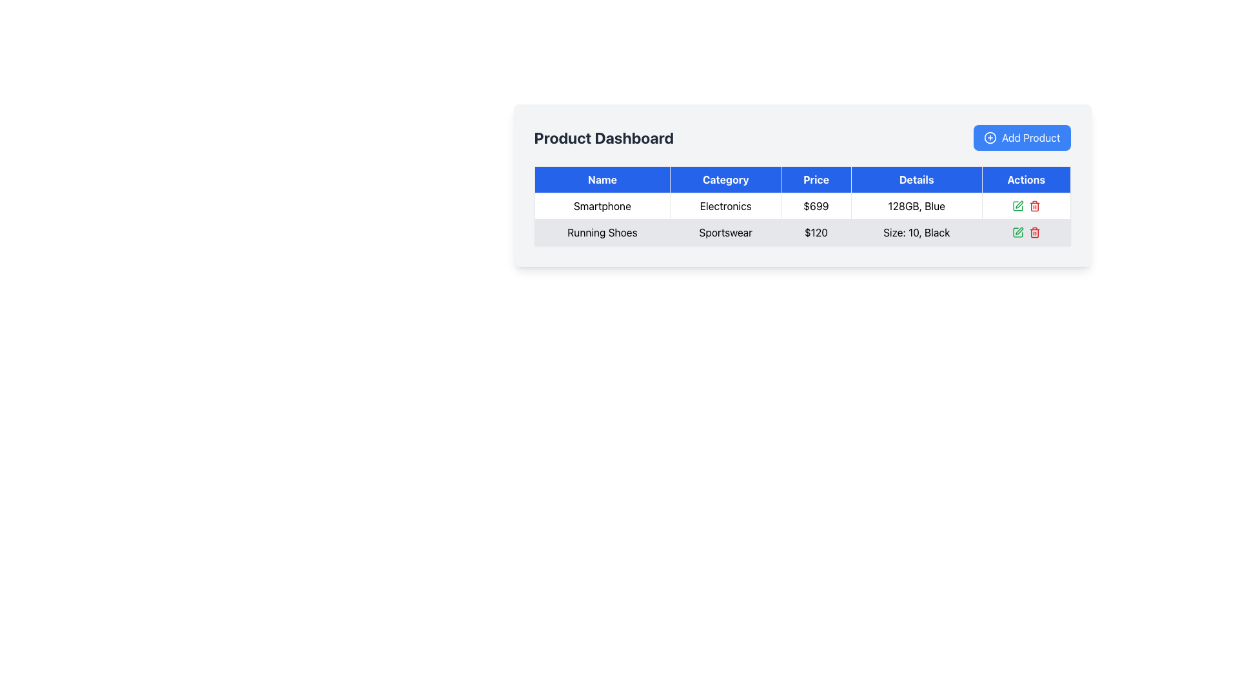 The image size is (1238, 696). What do you see at coordinates (990, 137) in the screenshot?
I see `the addition icon located to the left of the 'Add Product' button in the upper-right section of the page` at bounding box center [990, 137].